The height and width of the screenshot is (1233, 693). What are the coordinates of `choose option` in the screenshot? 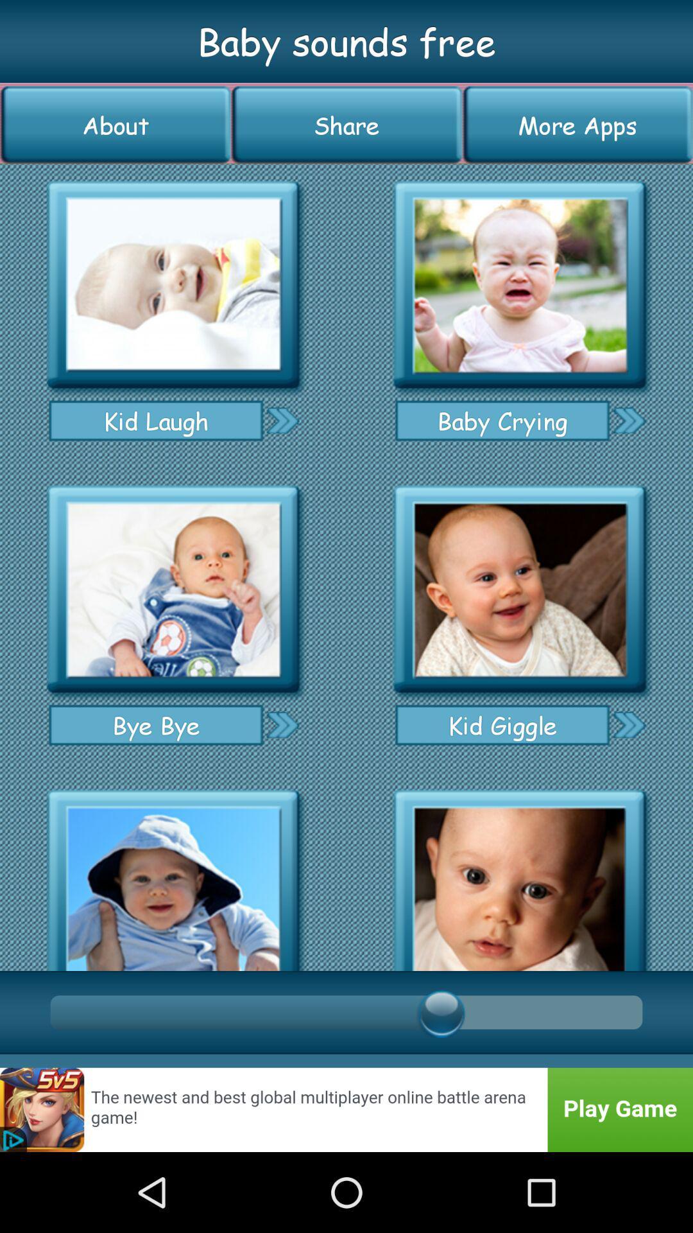 It's located at (282, 420).